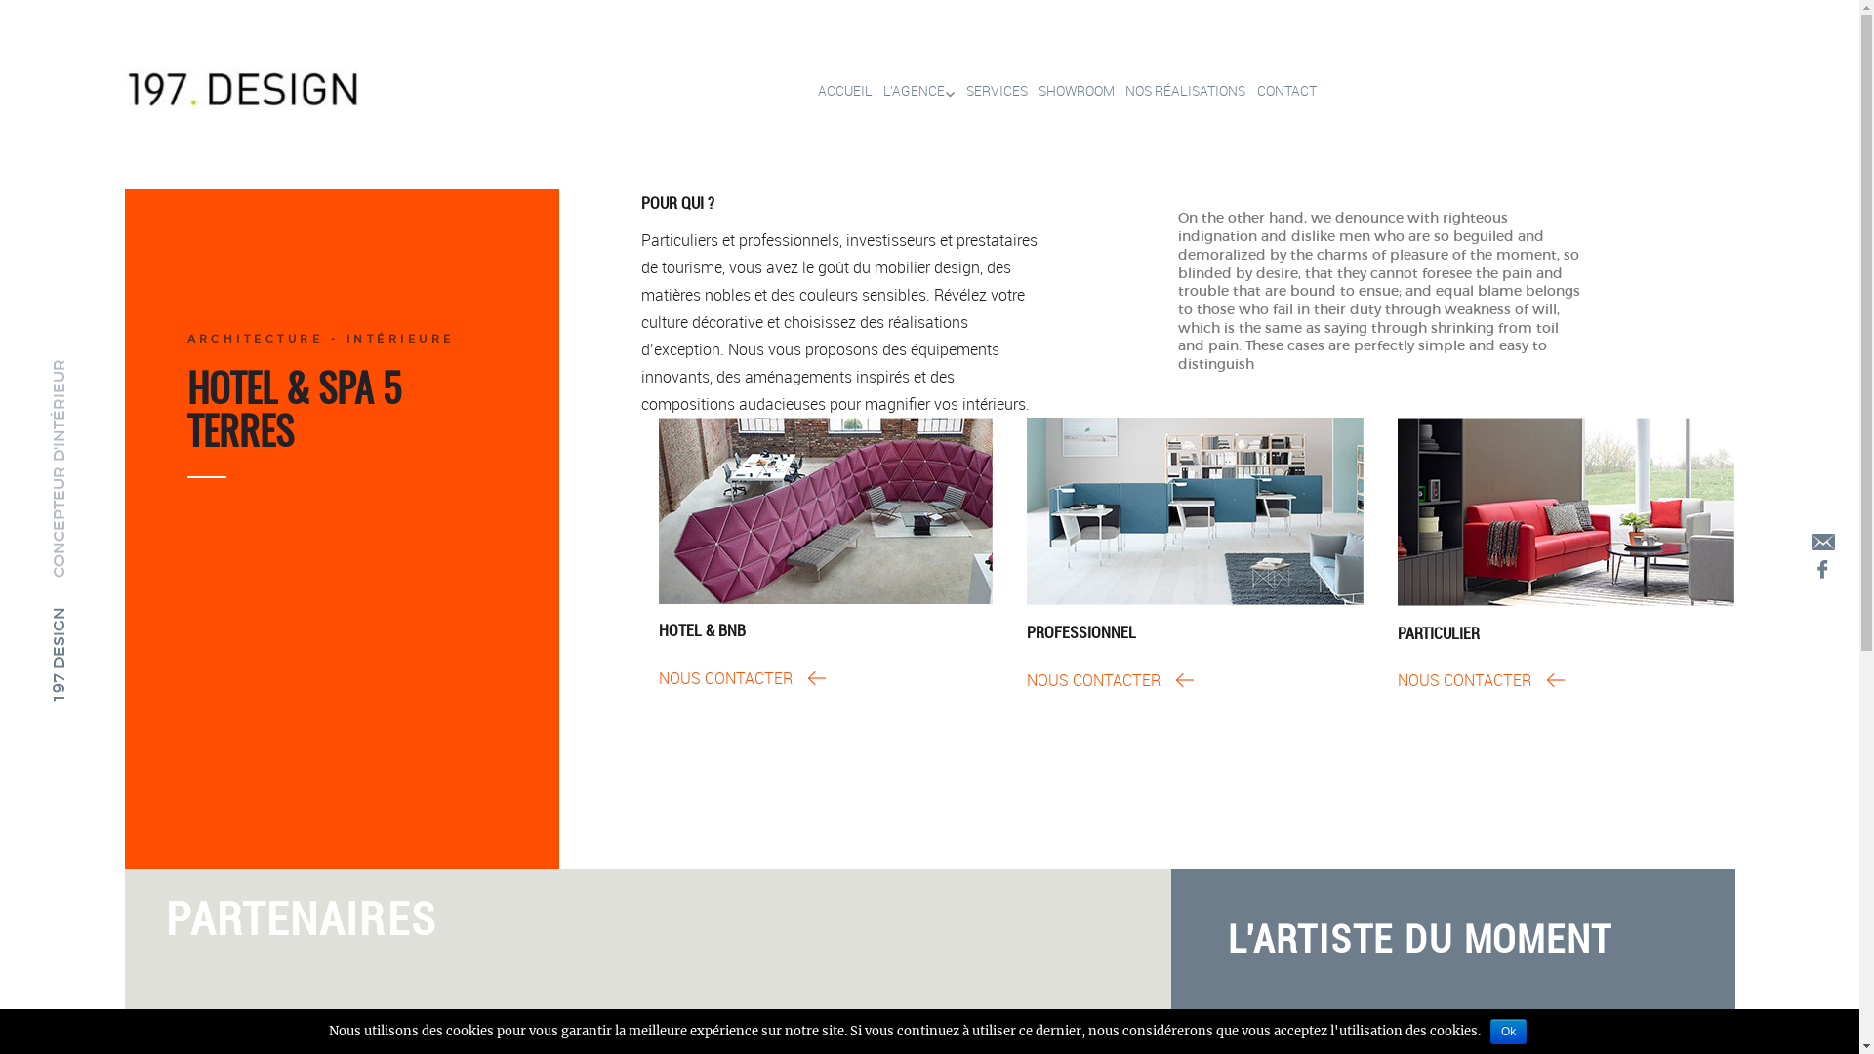  I want to click on 'NOUS CONTACTER', so click(1481, 679).